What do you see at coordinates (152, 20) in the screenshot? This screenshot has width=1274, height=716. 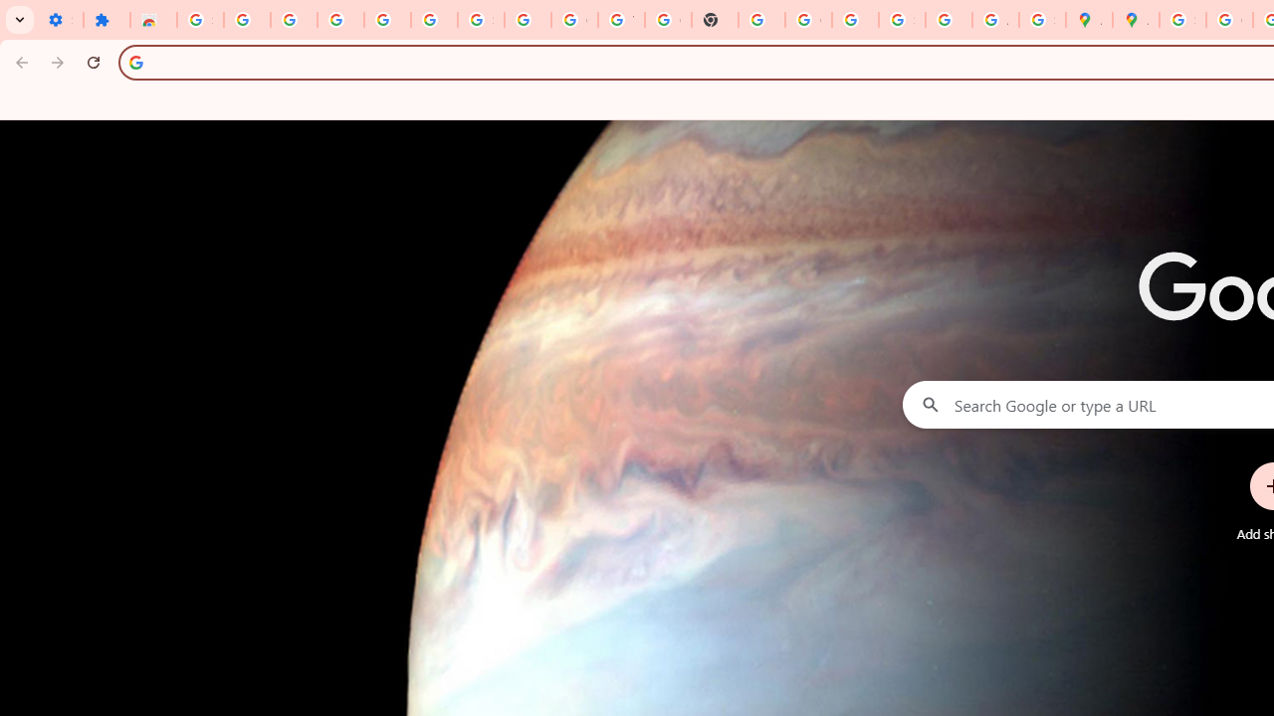 I see `'Reviews: Helix Fruit Jump Arcade Game'` at bounding box center [152, 20].